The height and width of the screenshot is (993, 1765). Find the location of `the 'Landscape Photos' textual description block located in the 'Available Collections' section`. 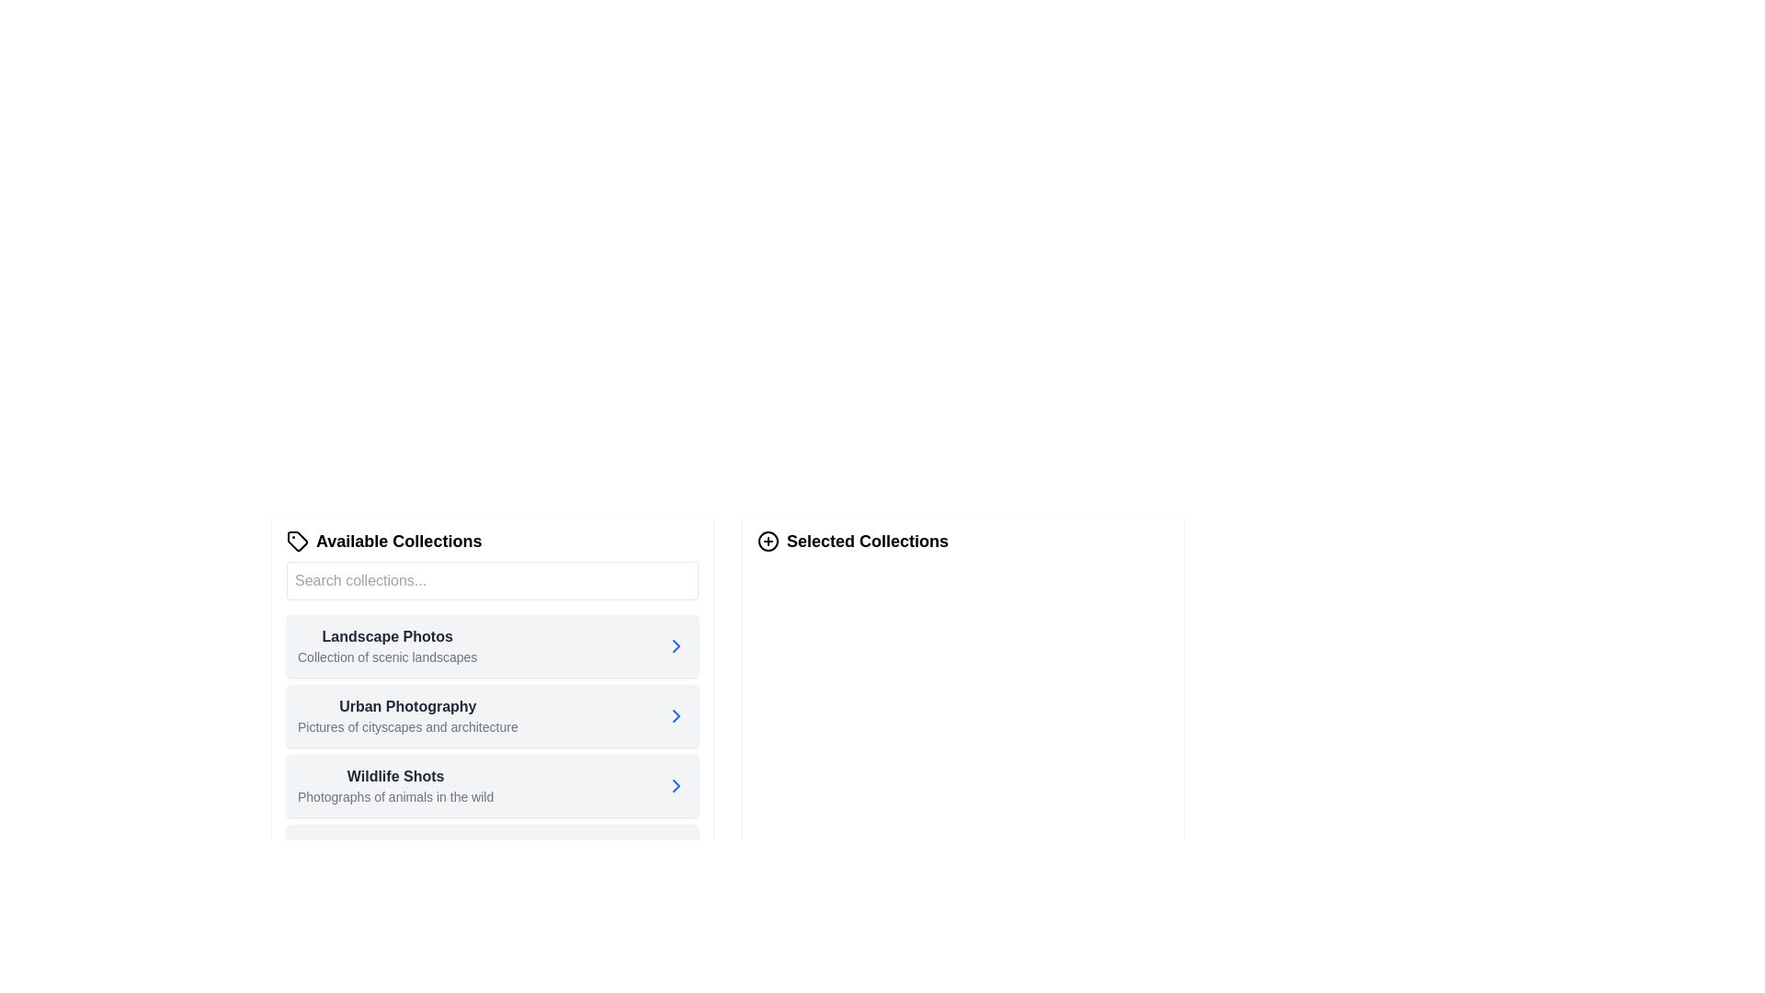

the 'Landscape Photos' textual description block located in the 'Available Collections' section is located at coordinates (386, 645).